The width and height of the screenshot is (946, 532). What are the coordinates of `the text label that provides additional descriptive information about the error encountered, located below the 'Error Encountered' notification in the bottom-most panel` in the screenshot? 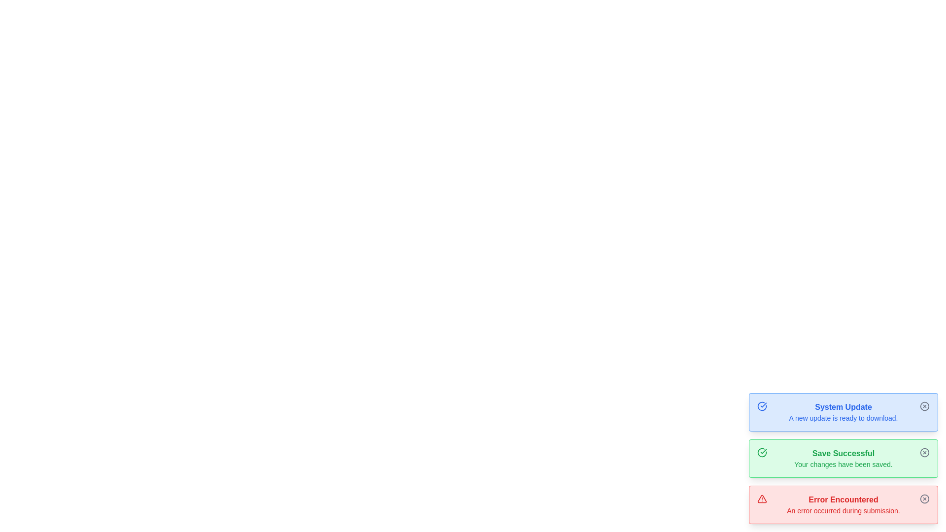 It's located at (843, 510).